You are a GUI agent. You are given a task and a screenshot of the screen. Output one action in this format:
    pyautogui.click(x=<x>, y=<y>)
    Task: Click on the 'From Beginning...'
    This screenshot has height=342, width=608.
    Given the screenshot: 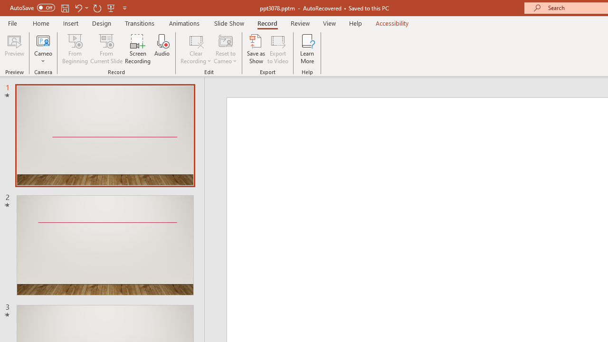 What is the action you would take?
    pyautogui.click(x=75, y=49)
    